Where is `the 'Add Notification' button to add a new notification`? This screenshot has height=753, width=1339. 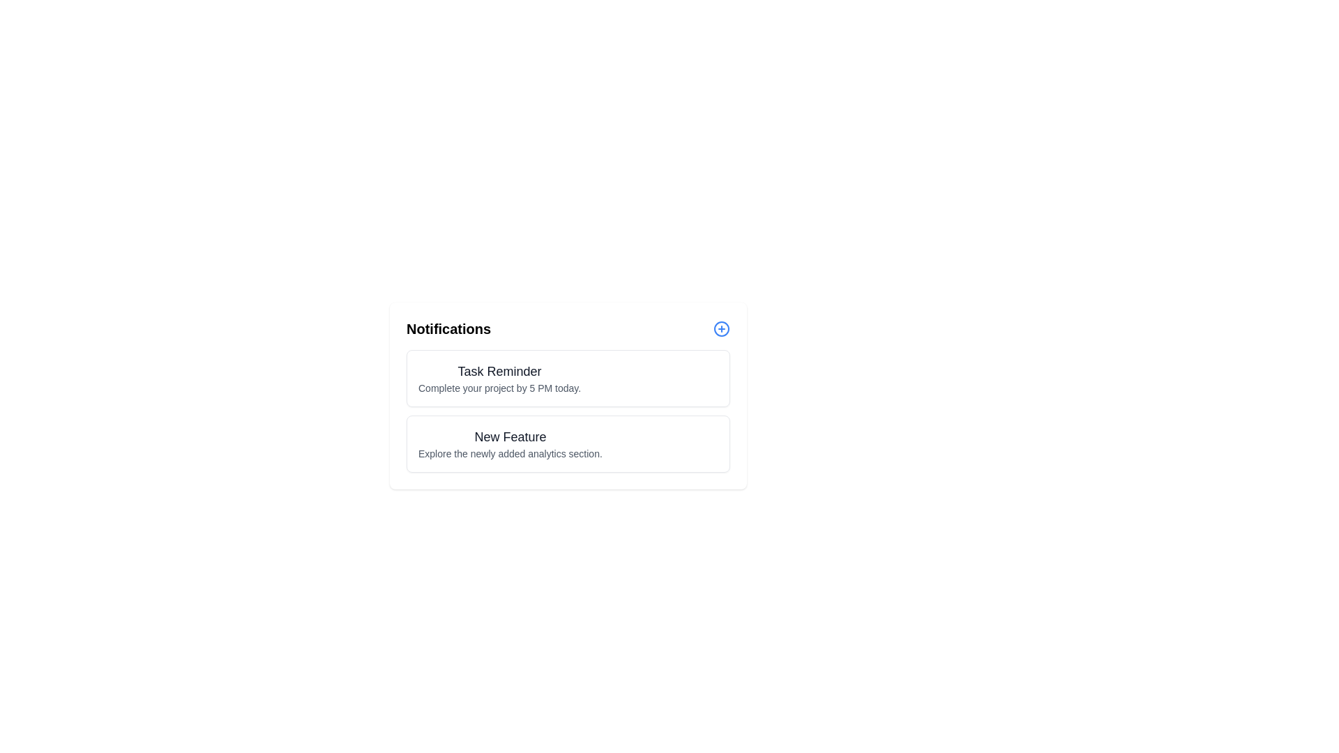 the 'Add Notification' button to add a new notification is located at coordinates (722, 328).